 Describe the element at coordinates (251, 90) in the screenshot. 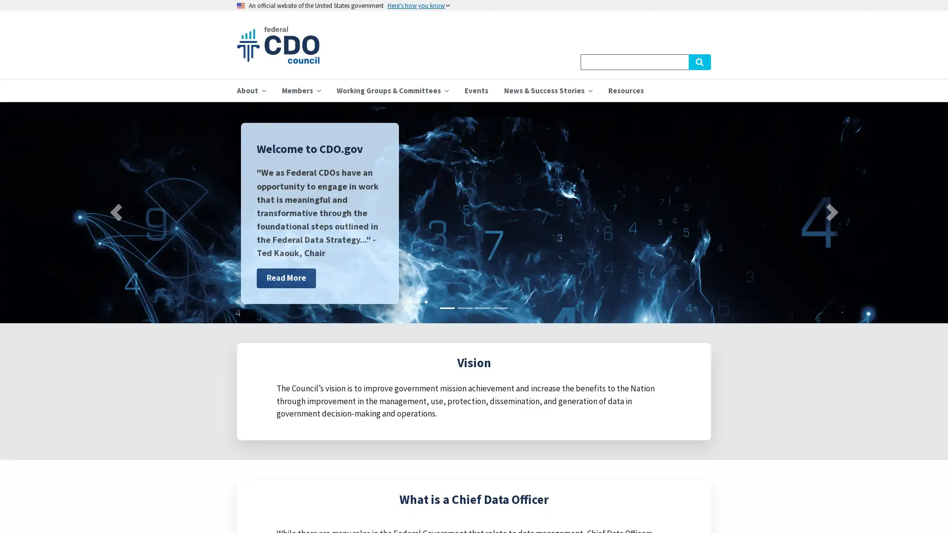

I see `About` at that location.